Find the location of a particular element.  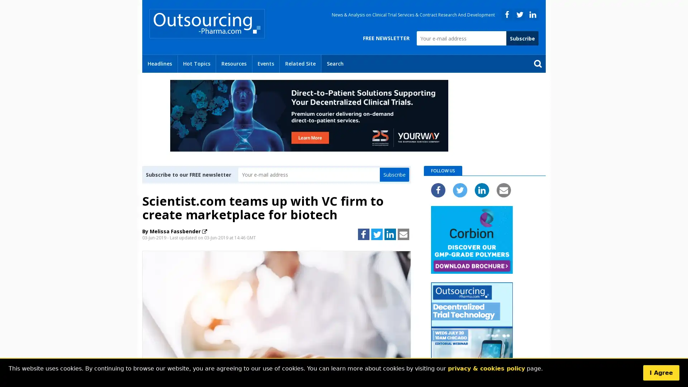

Subscribe is located at coordinates (394, 174).